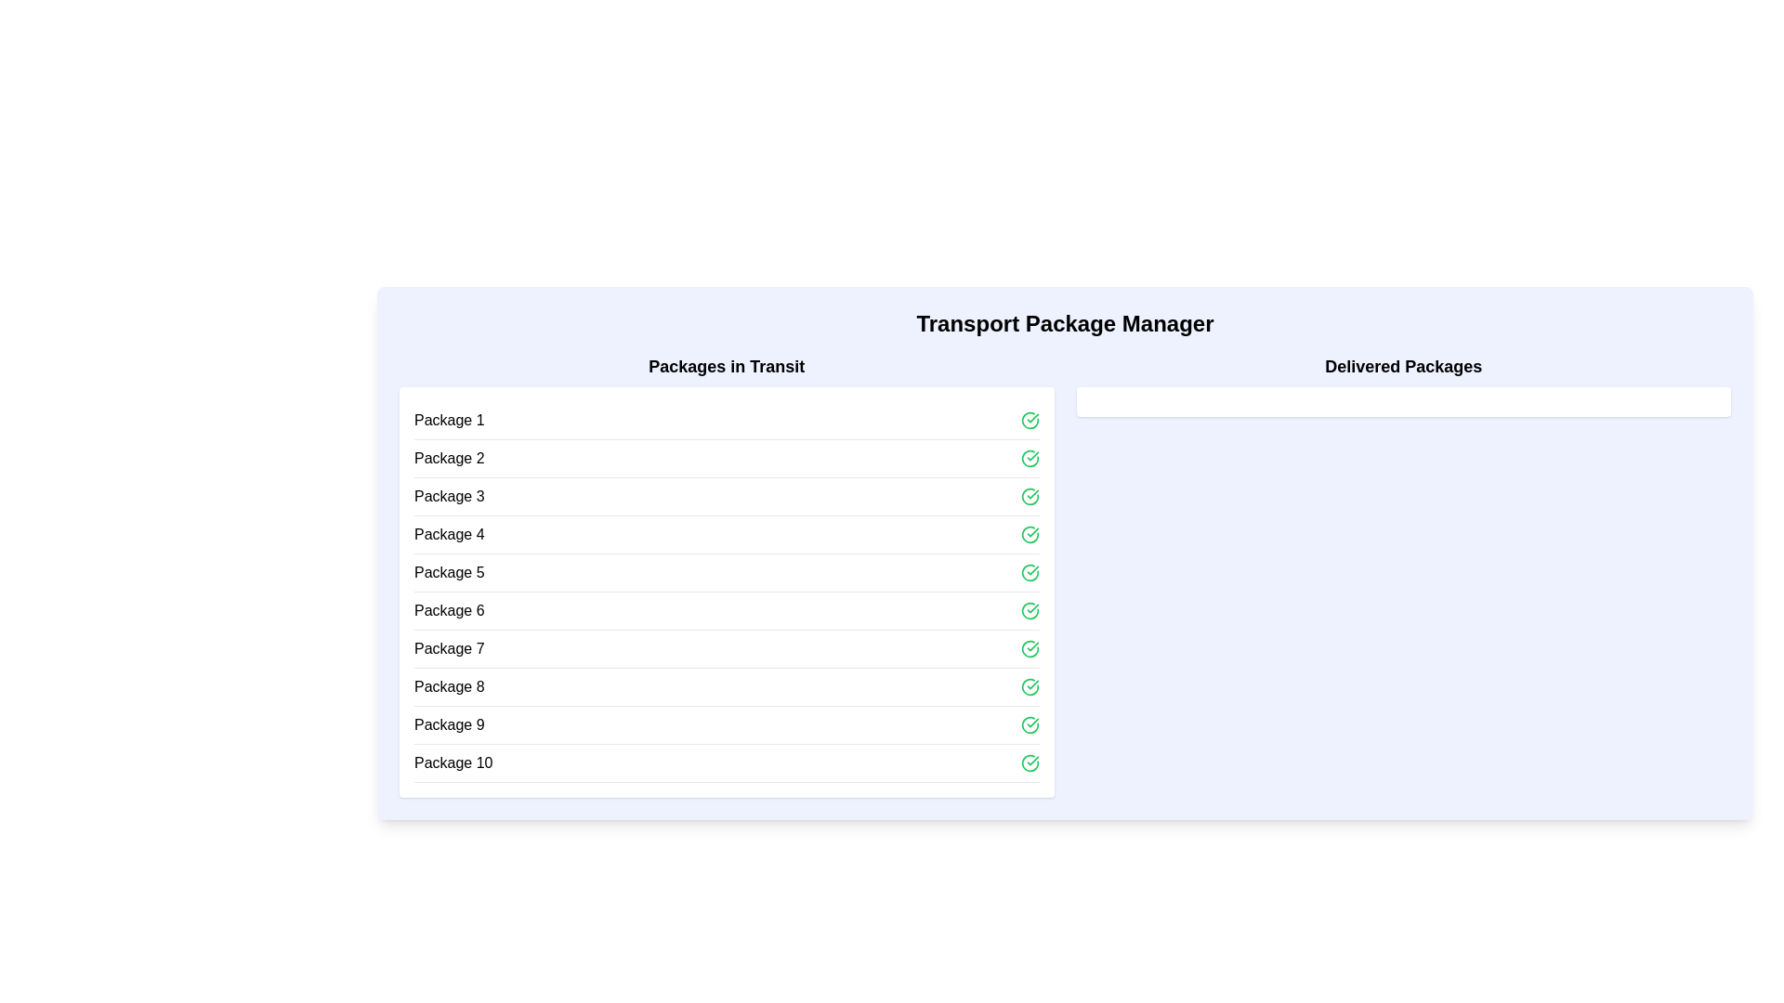 The image size is (1784, 1003). Describe the element at coordinates (1029, 611) in the screenshot. I see `the status icon for 'Package 6', located at the far right of the corresponding row to visually confirm its completion status` at that location.